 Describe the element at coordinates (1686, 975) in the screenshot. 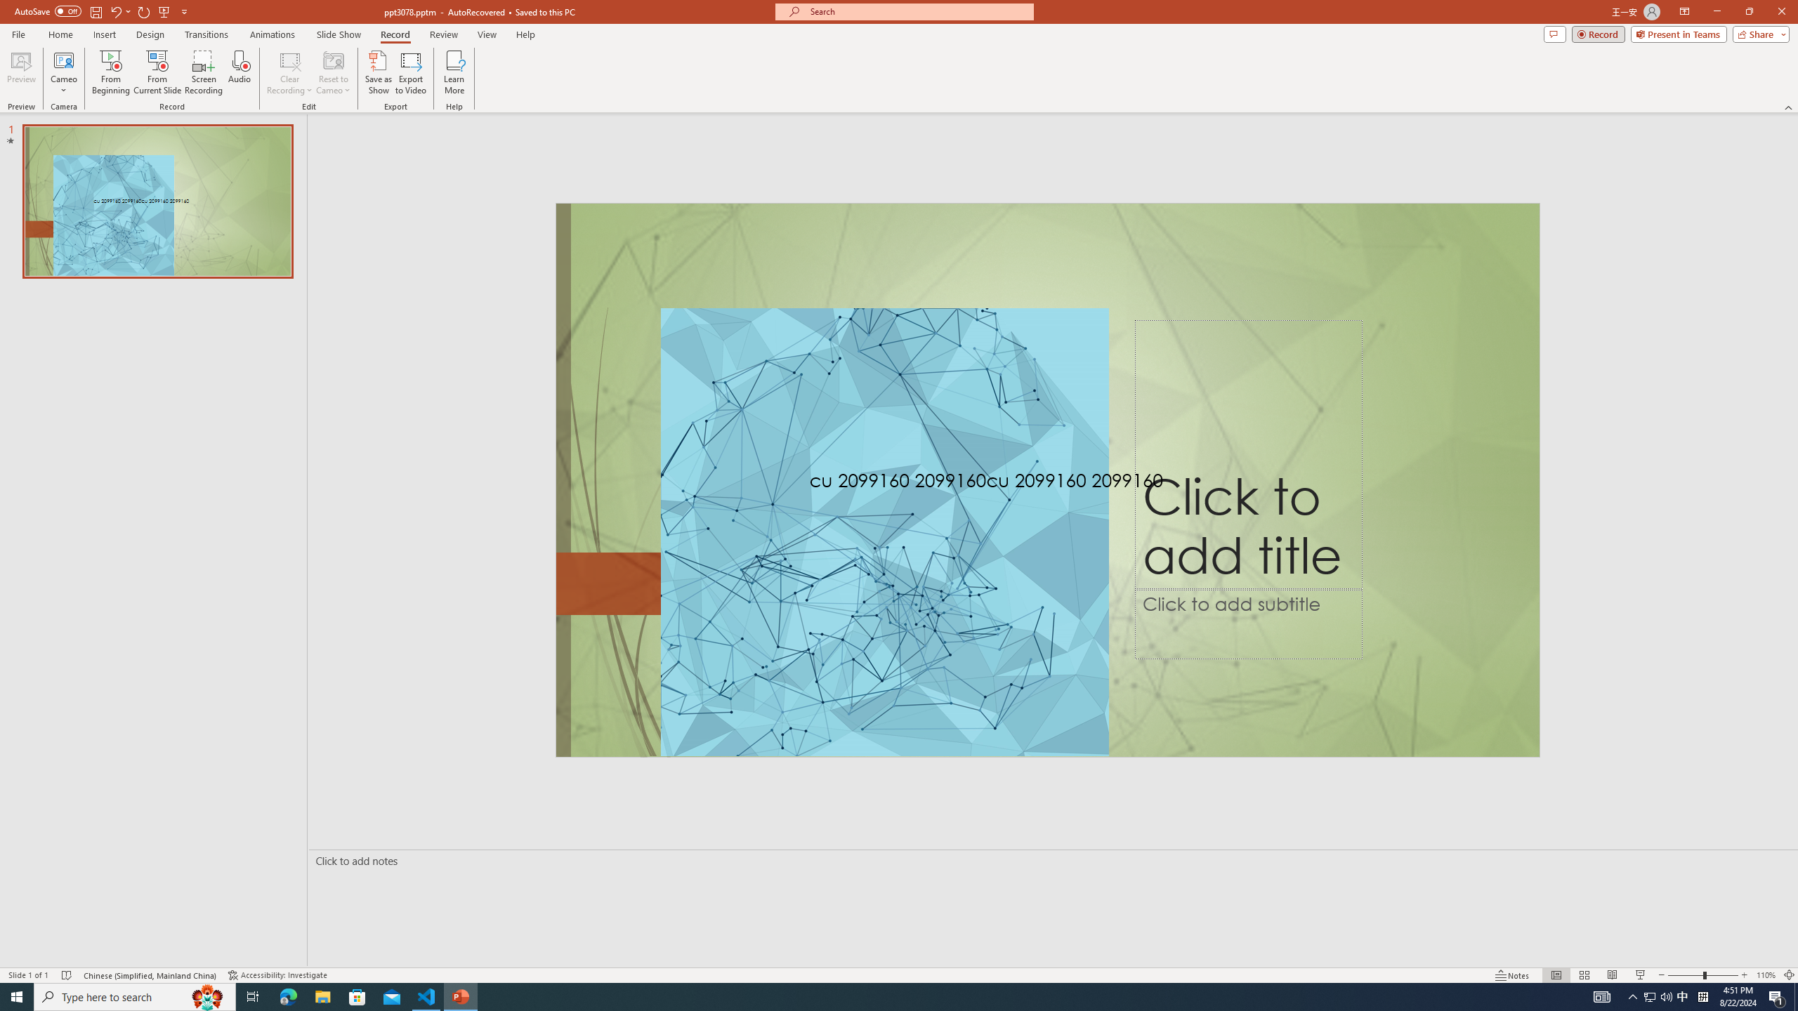

I see `'Zoom Out'` at that location.